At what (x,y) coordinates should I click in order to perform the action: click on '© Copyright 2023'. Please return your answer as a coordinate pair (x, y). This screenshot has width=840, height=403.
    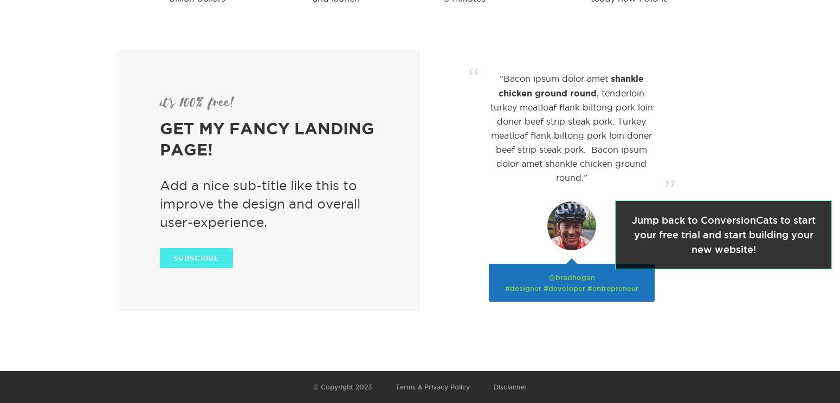
    Looking at the image, I should click on (313, 386).